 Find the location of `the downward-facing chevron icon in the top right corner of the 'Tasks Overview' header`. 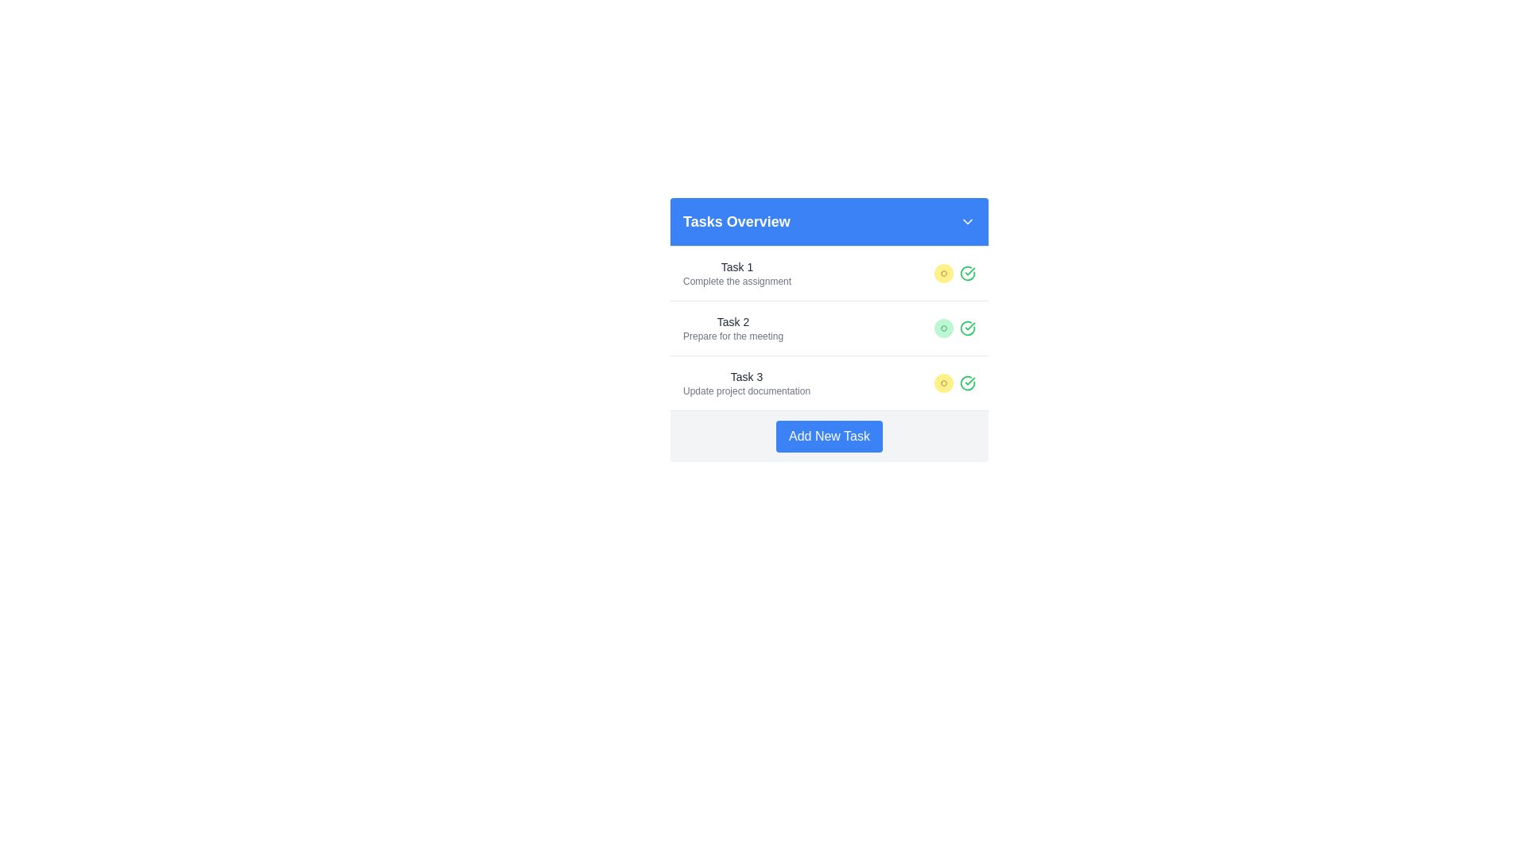

the downward-facing chevron icon in the top right corner of the 'Tasks Overview' header is located at coordinates (967, 221).